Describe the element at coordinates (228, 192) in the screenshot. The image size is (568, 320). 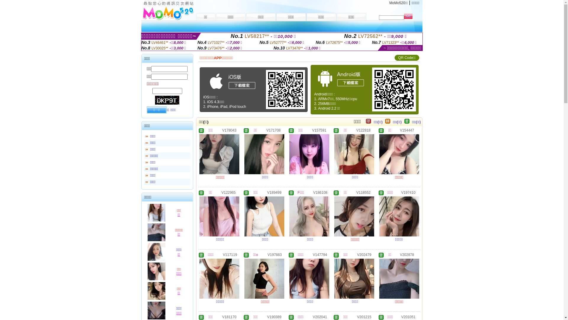
I see `'V122965'` at that location.